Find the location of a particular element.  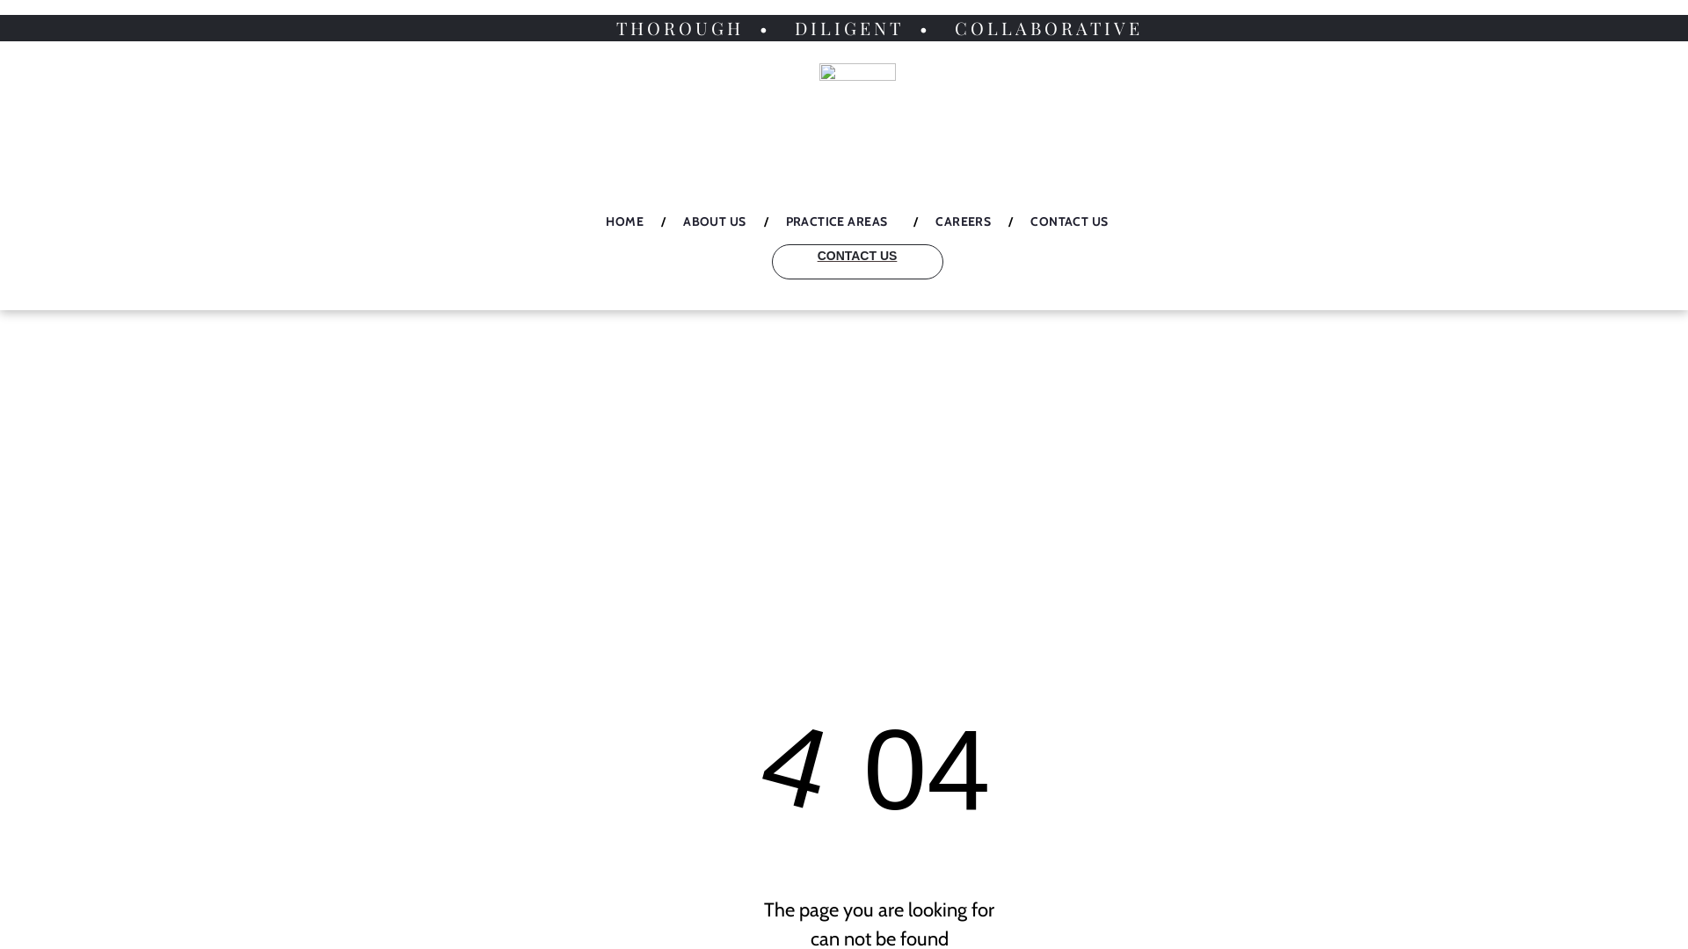

'ABOUT US' is located at coordinates (714, 221).